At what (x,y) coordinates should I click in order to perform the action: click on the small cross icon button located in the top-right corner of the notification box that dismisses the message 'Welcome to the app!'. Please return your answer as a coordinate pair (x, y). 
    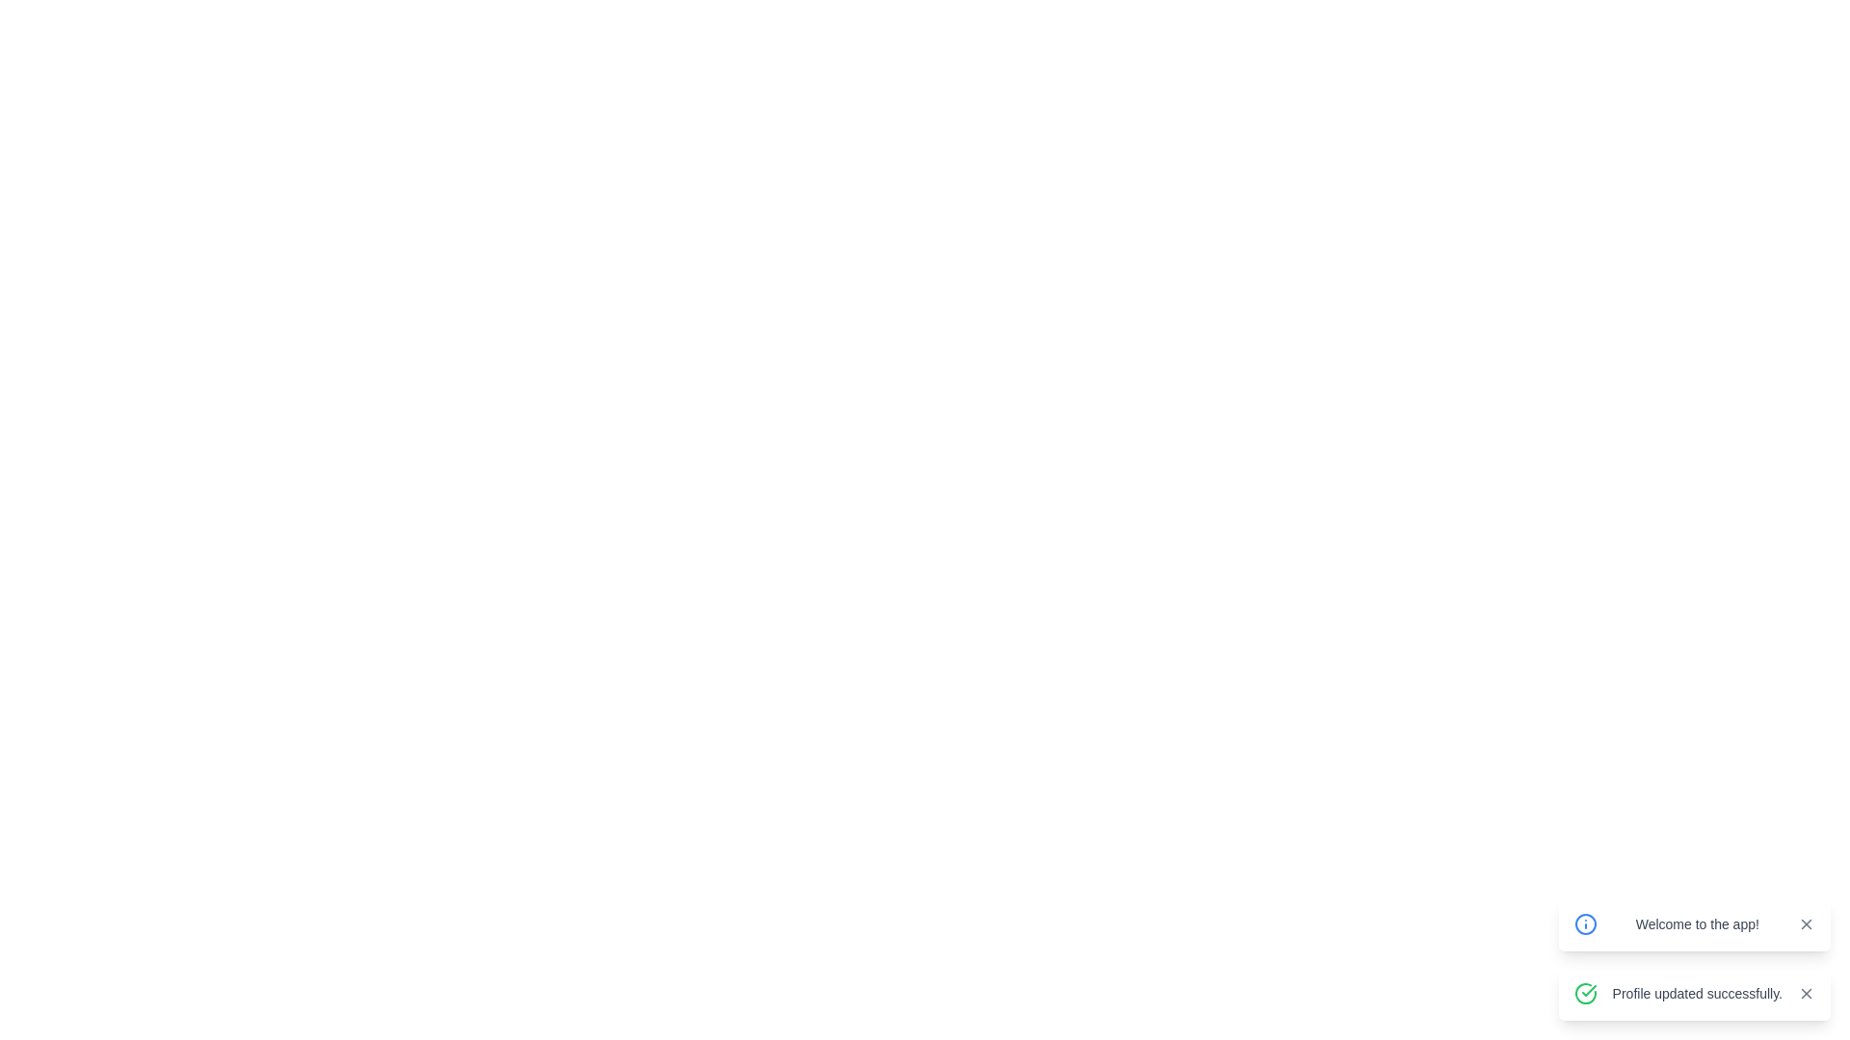
    Looking at the image, I should click on (1806, 923).